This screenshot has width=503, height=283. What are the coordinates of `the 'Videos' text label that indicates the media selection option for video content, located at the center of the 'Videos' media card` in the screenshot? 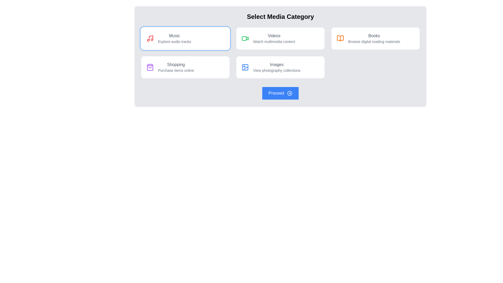 It's located at (274, 36).